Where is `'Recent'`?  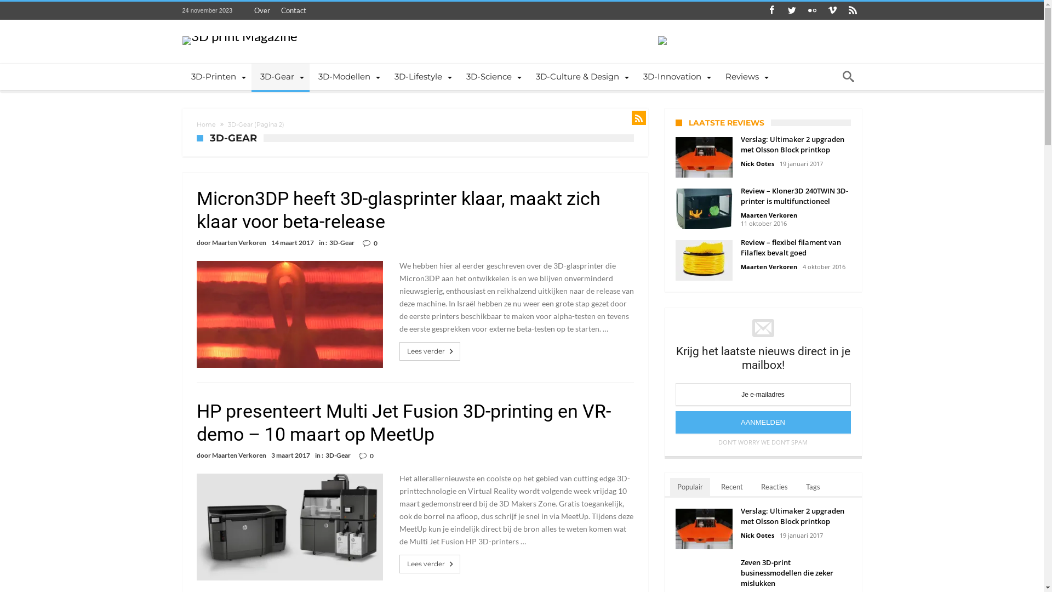
'Recent' is located at coordinates (731, 487).